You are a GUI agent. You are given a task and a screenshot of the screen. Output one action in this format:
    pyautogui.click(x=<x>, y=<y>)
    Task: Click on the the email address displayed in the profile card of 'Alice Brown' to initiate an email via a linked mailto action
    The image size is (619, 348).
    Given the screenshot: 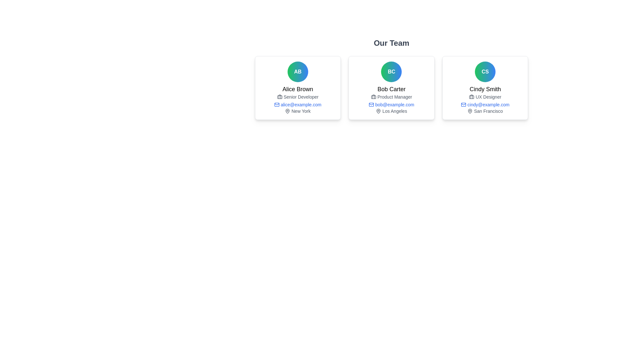 What is the action you would take?
    pyautogui.click(x=297, y=104)
    